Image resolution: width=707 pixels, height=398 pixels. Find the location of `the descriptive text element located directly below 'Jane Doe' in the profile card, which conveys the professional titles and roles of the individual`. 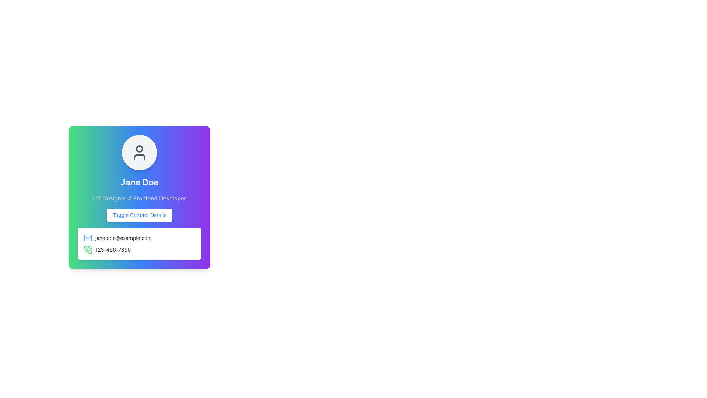

the descriptive text element located directly below 'Jane Doe' in the profile card, which conveys the professional titles and roles of the individual is located at coordinates (140, 198).